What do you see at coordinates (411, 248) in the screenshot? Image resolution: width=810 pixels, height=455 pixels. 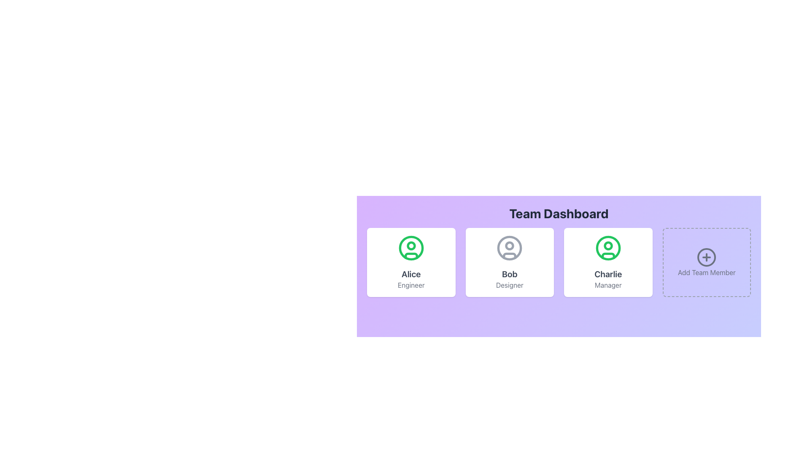 I see `the active green circular element within the avatar for 'Alice', which is associated with the text 'Alice' and 'Engineer'` at bounding box center [411, 248].